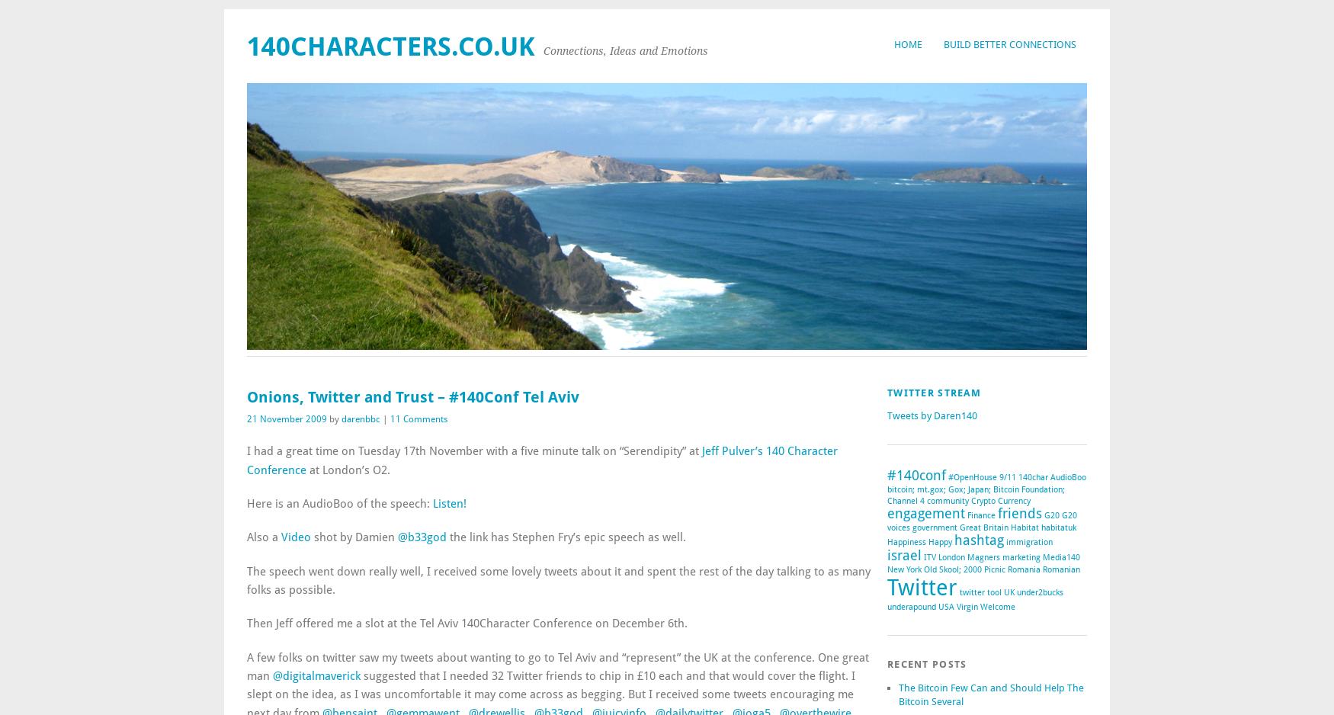 The height and width of the screenshot is (715, 1334). I want to click on 'at London’s O2.', so click(348, 469).